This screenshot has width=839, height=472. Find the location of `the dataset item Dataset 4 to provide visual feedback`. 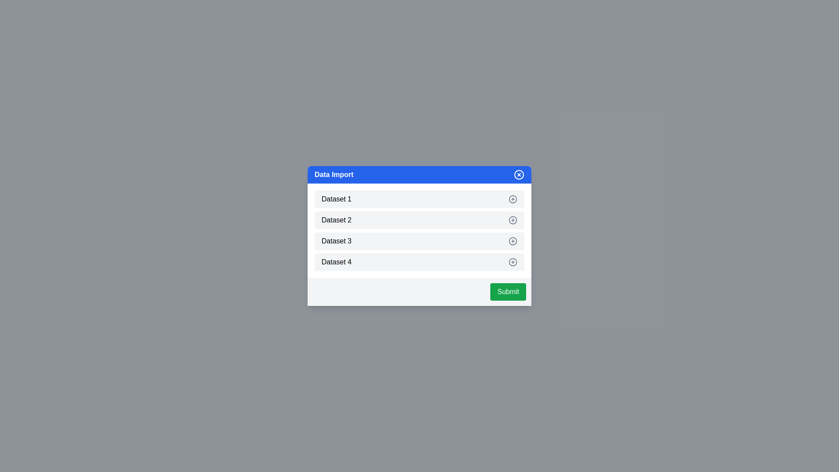

the dataset item Dataset 4 to provide visual feedback is located at coordinates (419, 262).